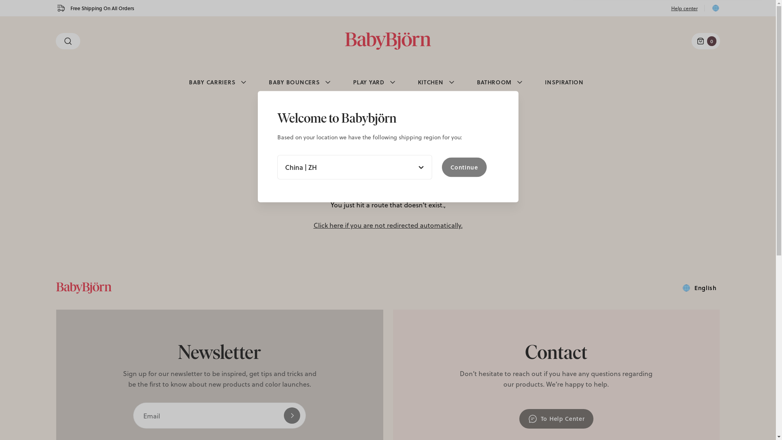  I want to click on 'INSPIRATION', so click(564, 82).